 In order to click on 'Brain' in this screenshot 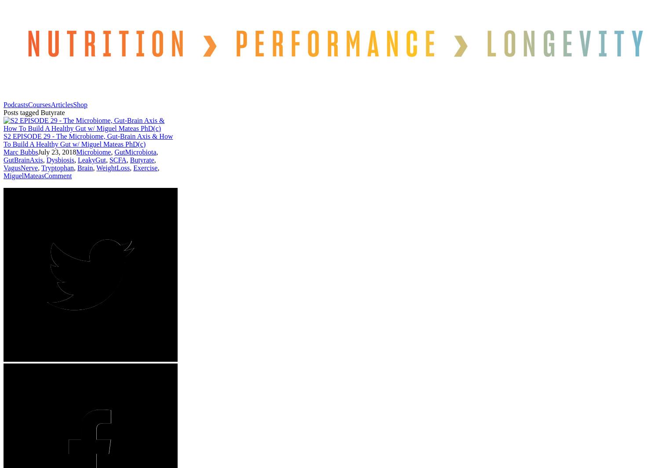, I will do `click(84, 167)`.